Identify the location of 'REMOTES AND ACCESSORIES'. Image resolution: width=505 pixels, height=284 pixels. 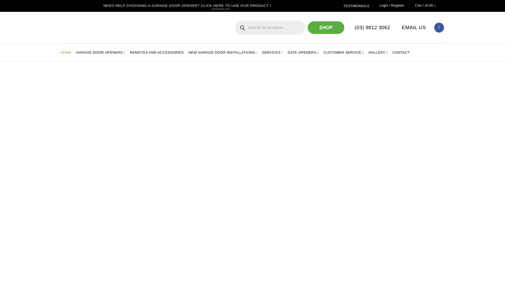
(156, 53).